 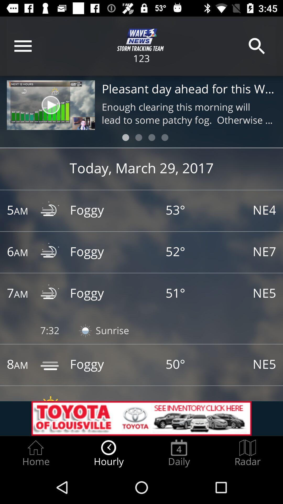 I want to click on the symbol which is right to 6am, so click(x=51, y=252).